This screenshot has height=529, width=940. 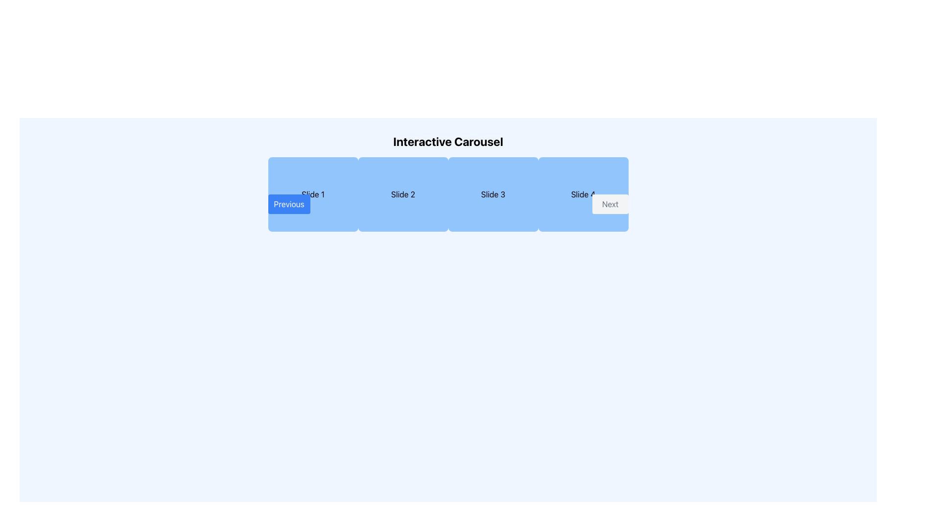 What do you see at coordinates (403, 194) in the screenshot?
I see `the static informational block displaying 'Slide 2', which is the second item in the carousel layout` at bounding box center [403, 194].